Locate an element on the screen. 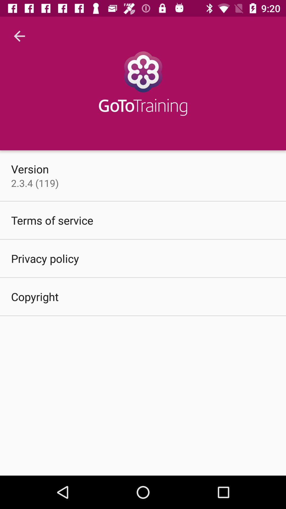 This screenshot has height=509, width=286. the icon above version item is located at coordinates (19, 36).